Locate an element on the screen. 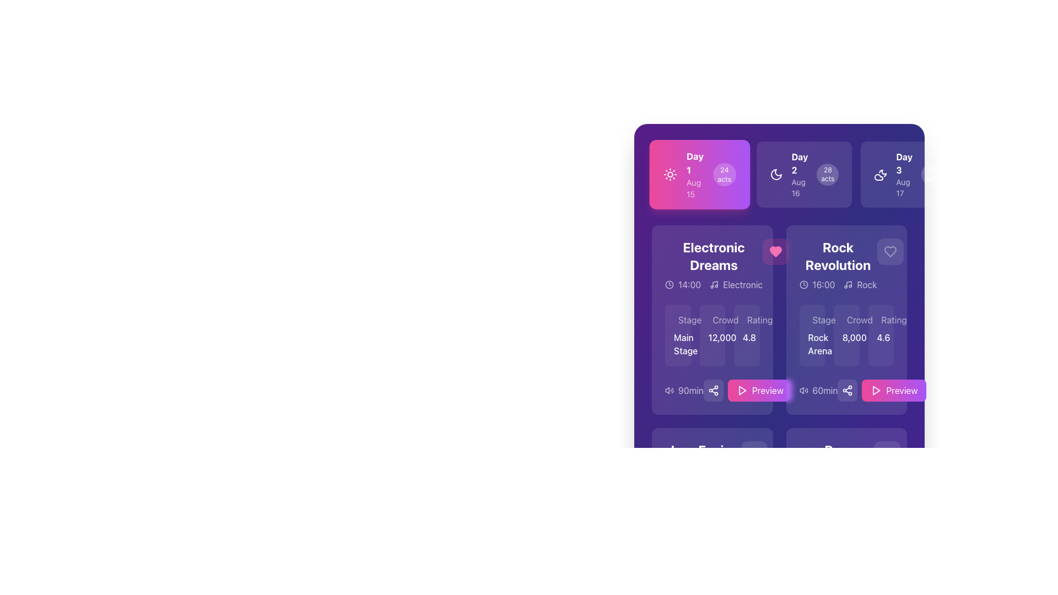  text content of the label displaying '90min', which is styled in white font on a purple background, located at the bottom-left corner of the 'Electronic Dreams' card is located at coordinates (690, 390).